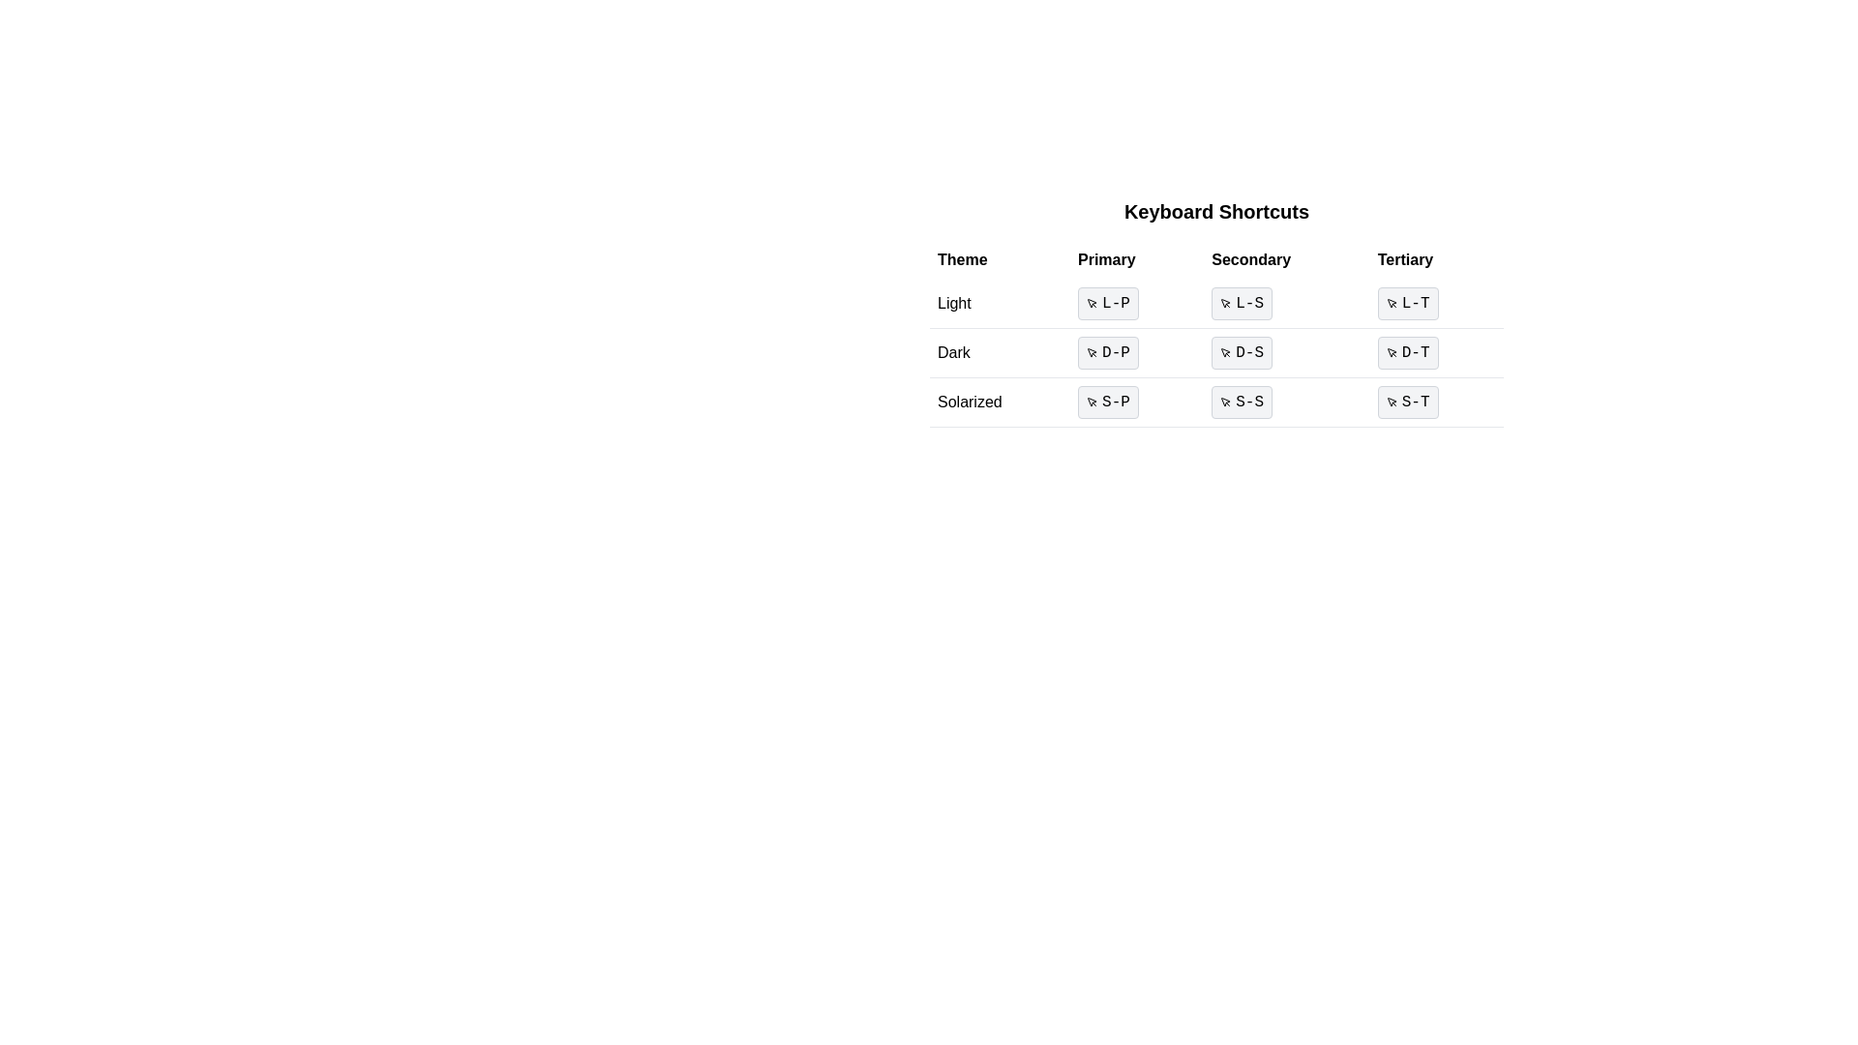 The image size is (1858, 1045). Describe the element at coordinates (1416, 303) in the screenshot. I see `text 'L-T' from the keyboard shortcut button located in the third column of the first row under the 'Tertiary' column heading` at that location.